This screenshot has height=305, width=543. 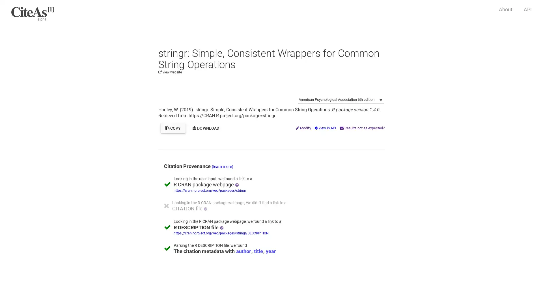 I want to click on Copy, so click(x=173, y=128).